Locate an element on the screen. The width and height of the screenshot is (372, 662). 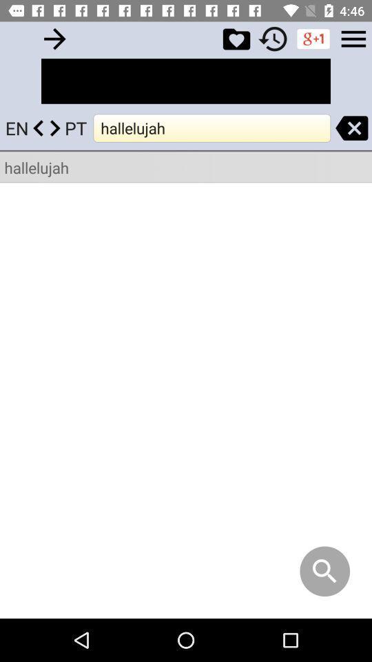
the menu icon is located at coordinates (353, 38).